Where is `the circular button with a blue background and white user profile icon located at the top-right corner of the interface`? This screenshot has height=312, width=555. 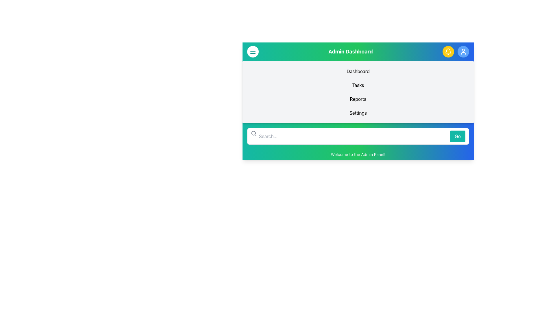 the circular button with a blue background and white user profile icon located at the top-right corner of the interface is located at coordinates (463, 51).